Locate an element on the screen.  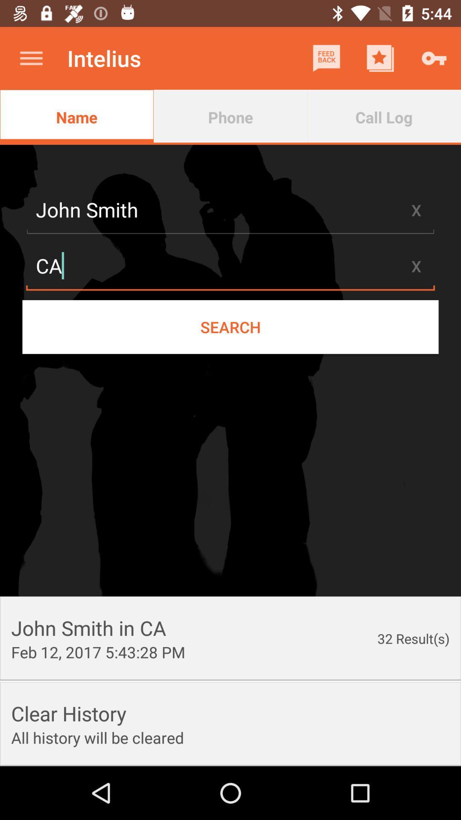
app next to the intelius item is located at coordinates (31, 58).